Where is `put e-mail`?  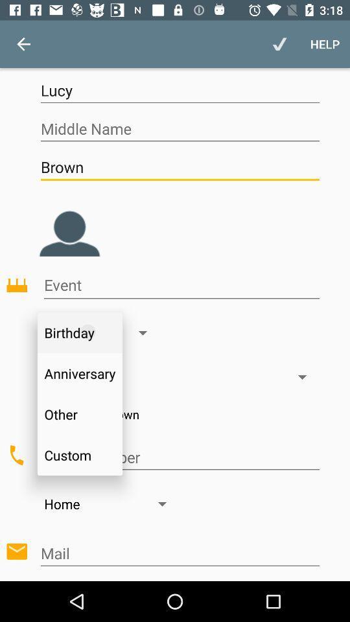 put e-mail is located at coordinates (179, 553).